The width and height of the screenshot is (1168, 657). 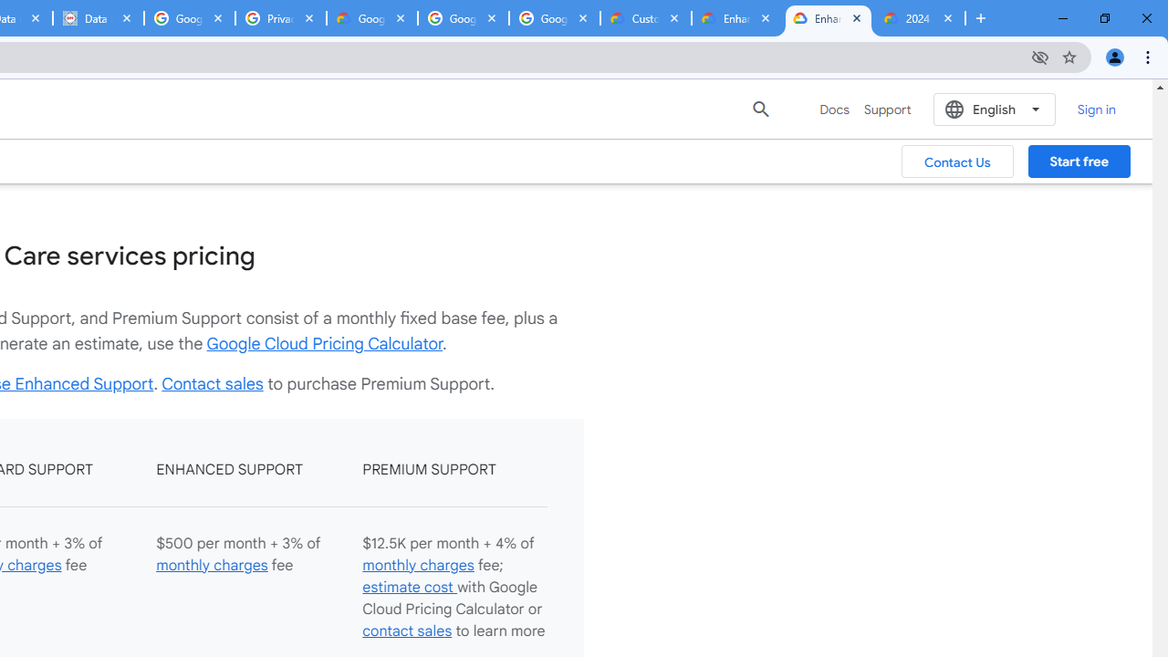 I want to click on 'Chrome', so click(x=1149, y=56).